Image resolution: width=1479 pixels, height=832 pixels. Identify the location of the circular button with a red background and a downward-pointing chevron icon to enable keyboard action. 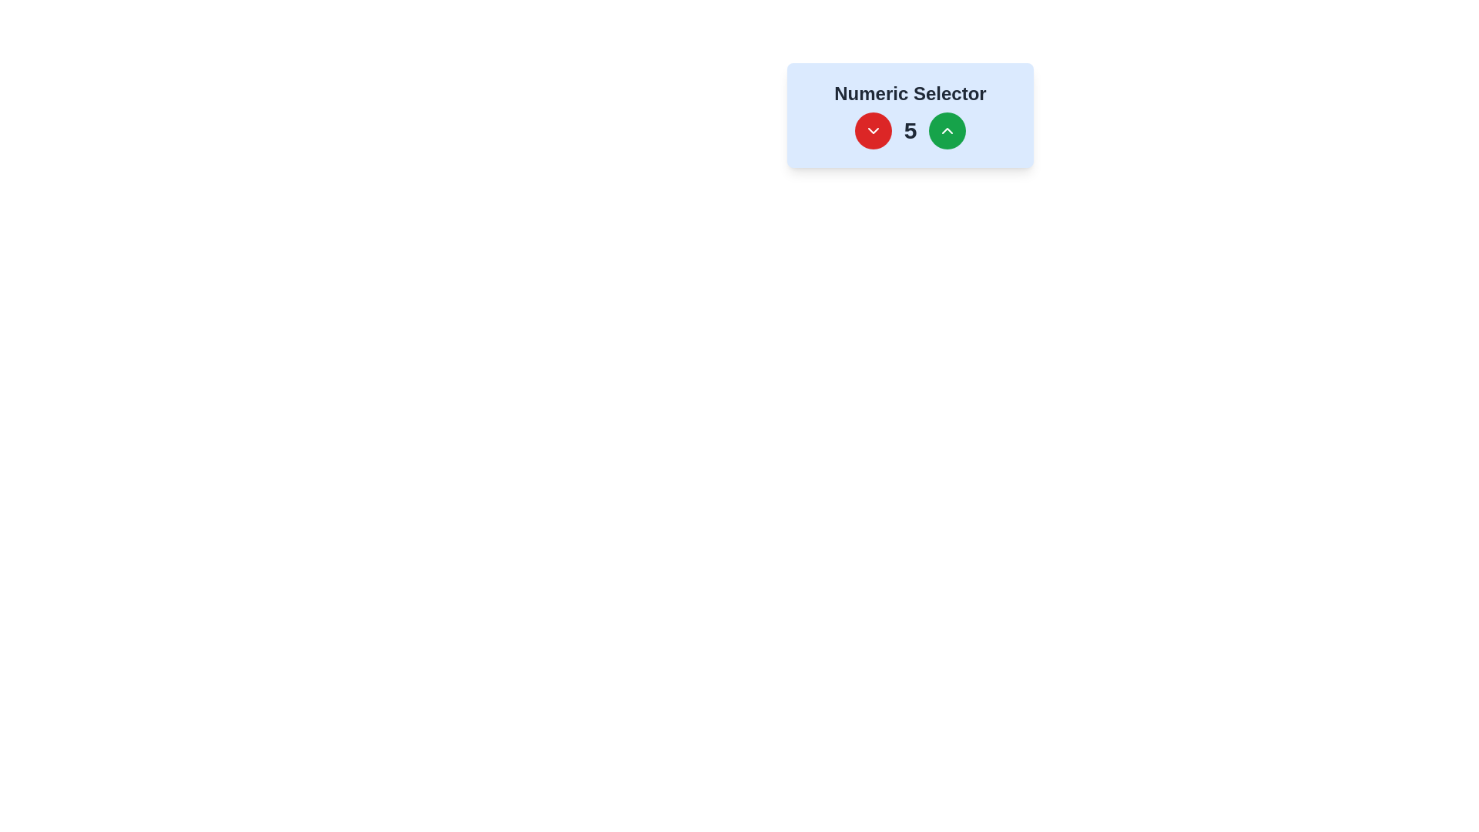
(873, 129).